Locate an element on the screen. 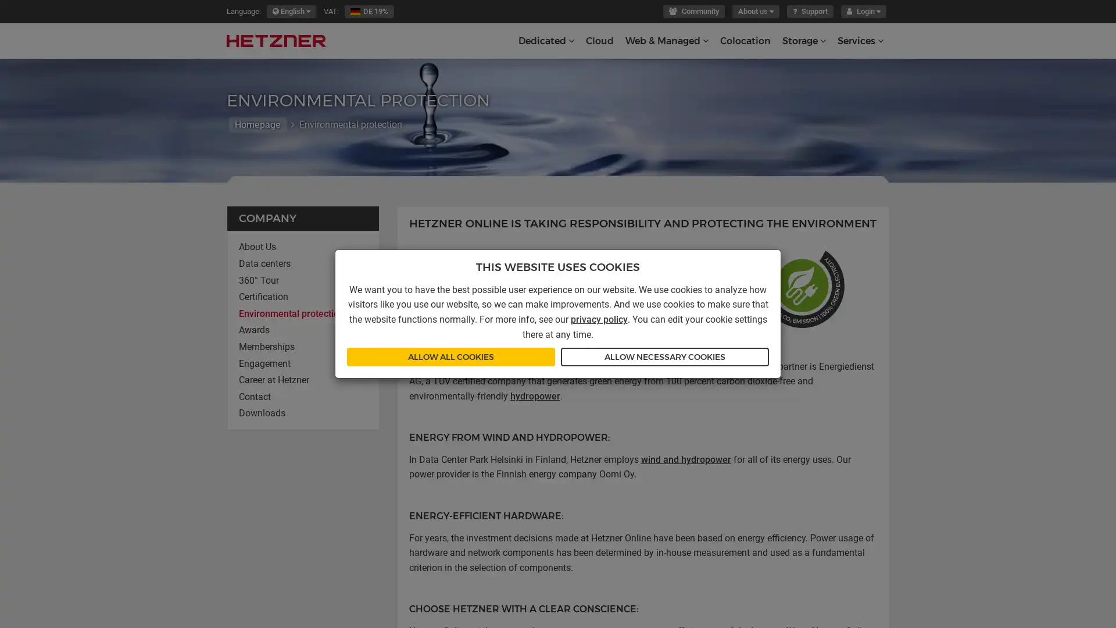 The height and width of the screenshot is (628, 1116). ALLOW NECESSARY COOKIES is located at coordinates (664, 356).